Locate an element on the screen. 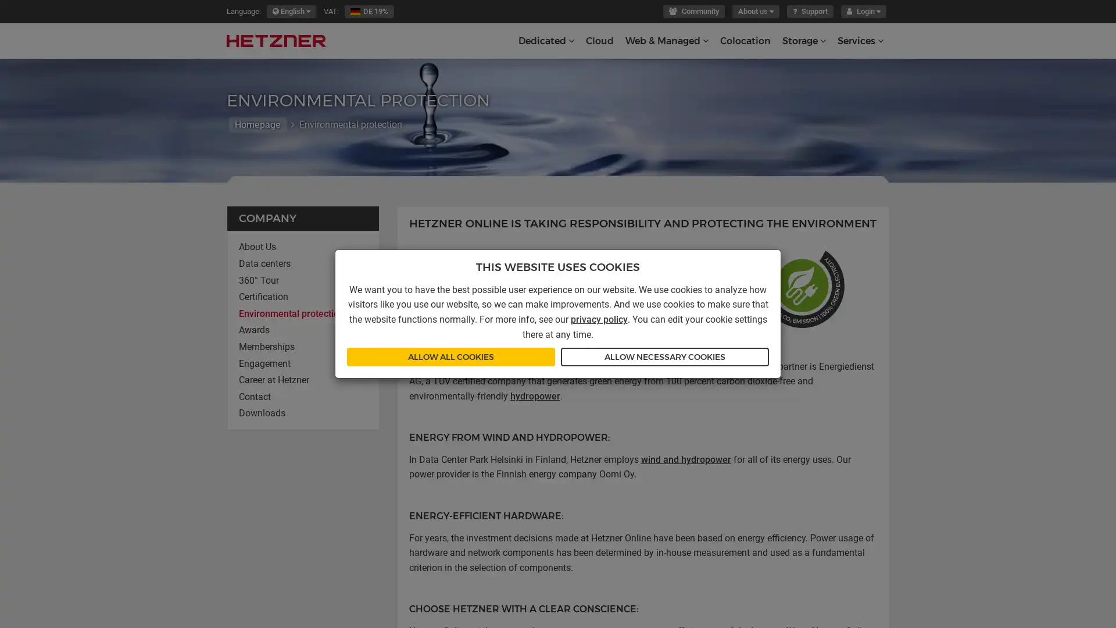 The height and width of the screenshot is (628, 1116). ALLOW NECESSARY COOKIES is located at coordinates (664, 356).